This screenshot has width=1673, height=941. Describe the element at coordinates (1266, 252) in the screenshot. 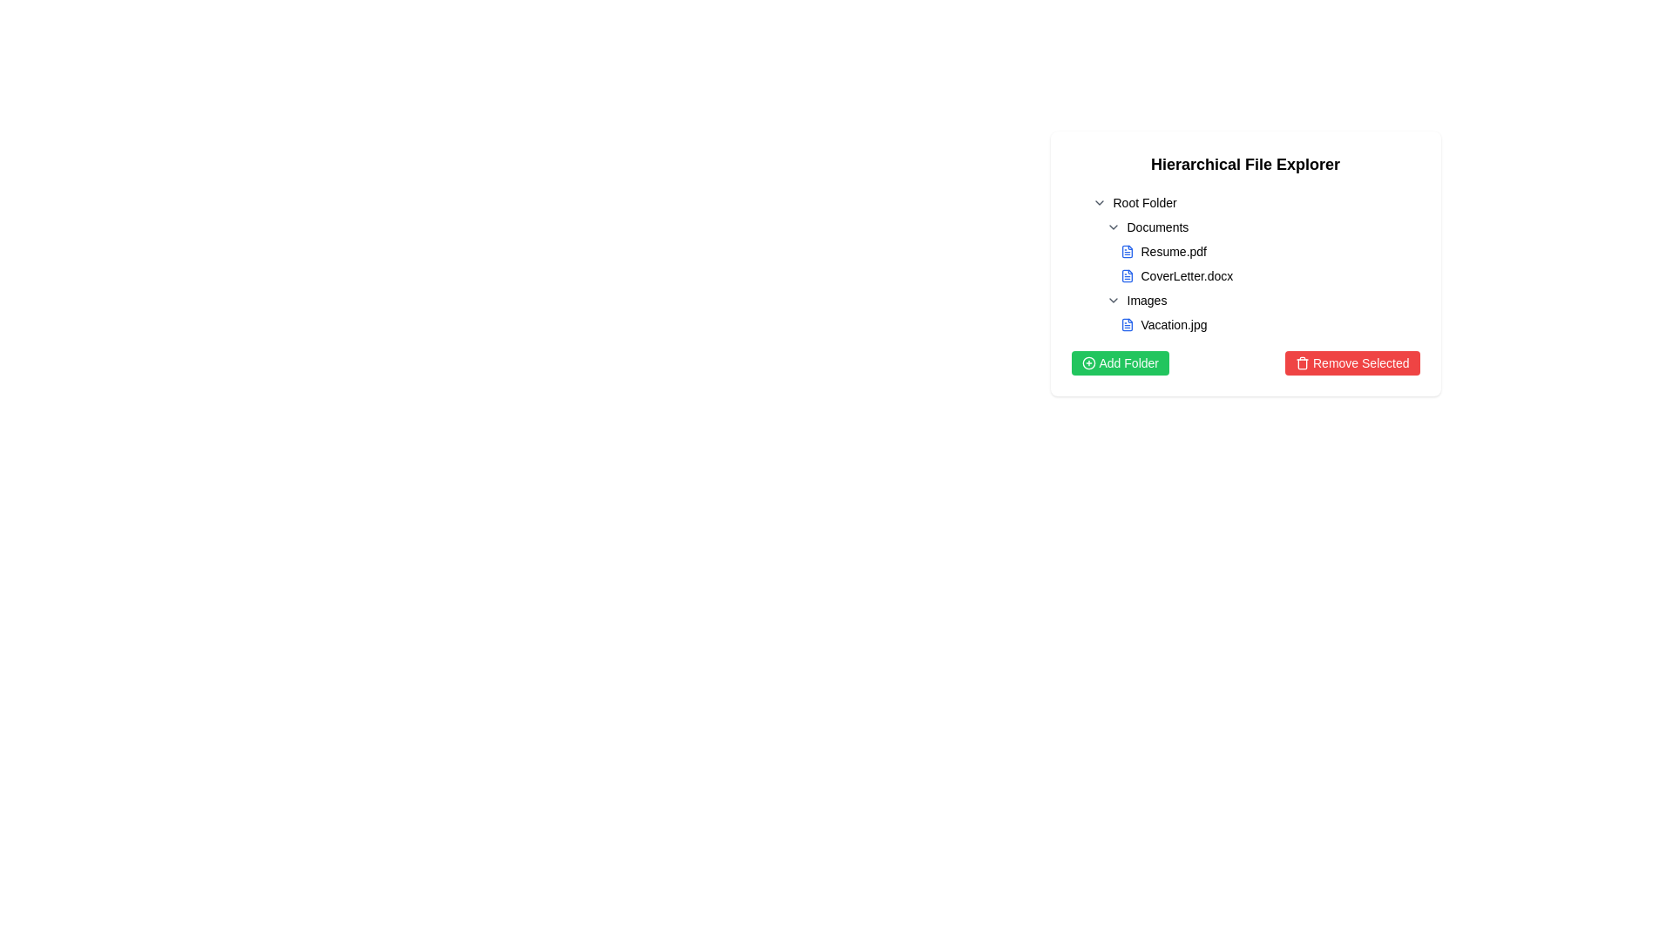

I see `on the 'Resume.pdf' file entry, which is the first item in the vertical list under the 'Documents' section of the file explorer` at that location.